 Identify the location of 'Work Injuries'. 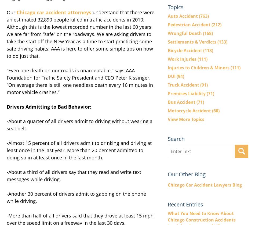
(168, 58).